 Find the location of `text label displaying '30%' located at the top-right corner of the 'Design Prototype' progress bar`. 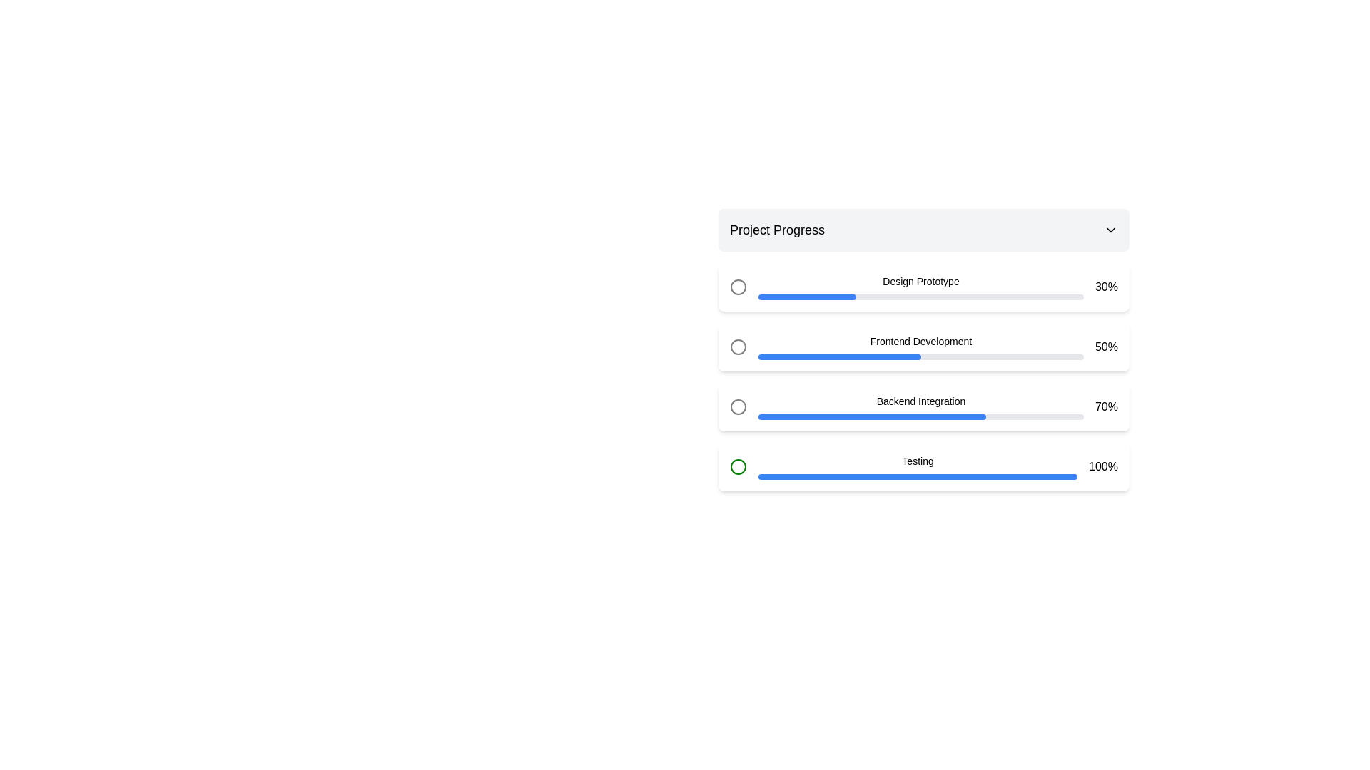

text label displaying '30%' located at the top-right corner of the 'Design Prototype' progress bar is located at coordinates (1105, 287).